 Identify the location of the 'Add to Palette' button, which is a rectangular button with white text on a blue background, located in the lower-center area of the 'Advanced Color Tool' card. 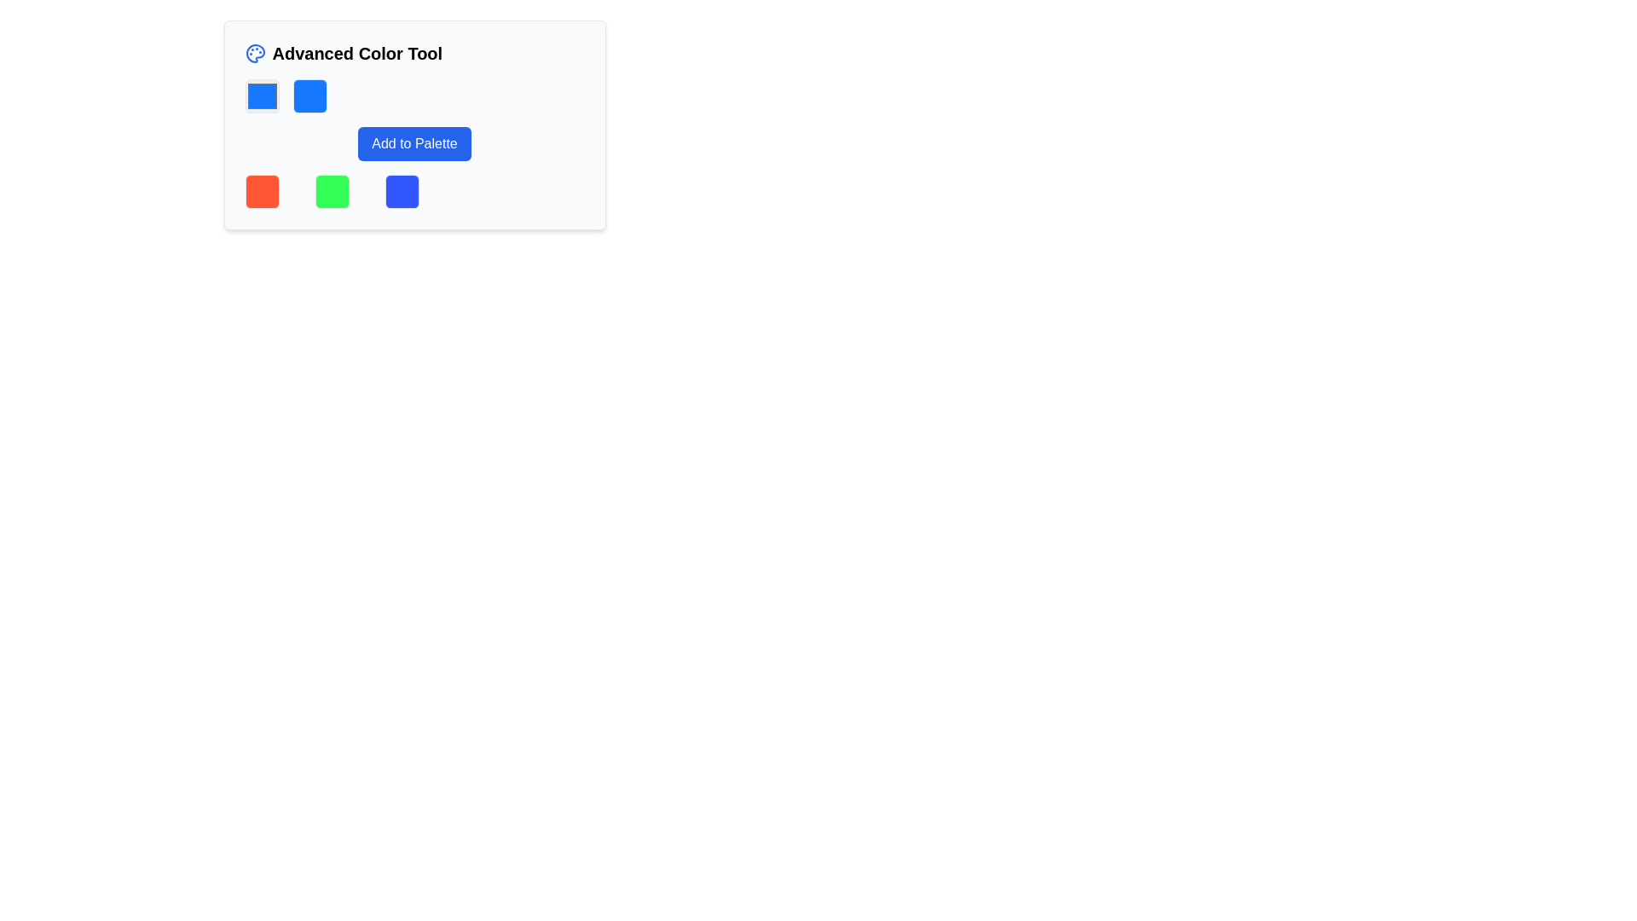
(414, 143).